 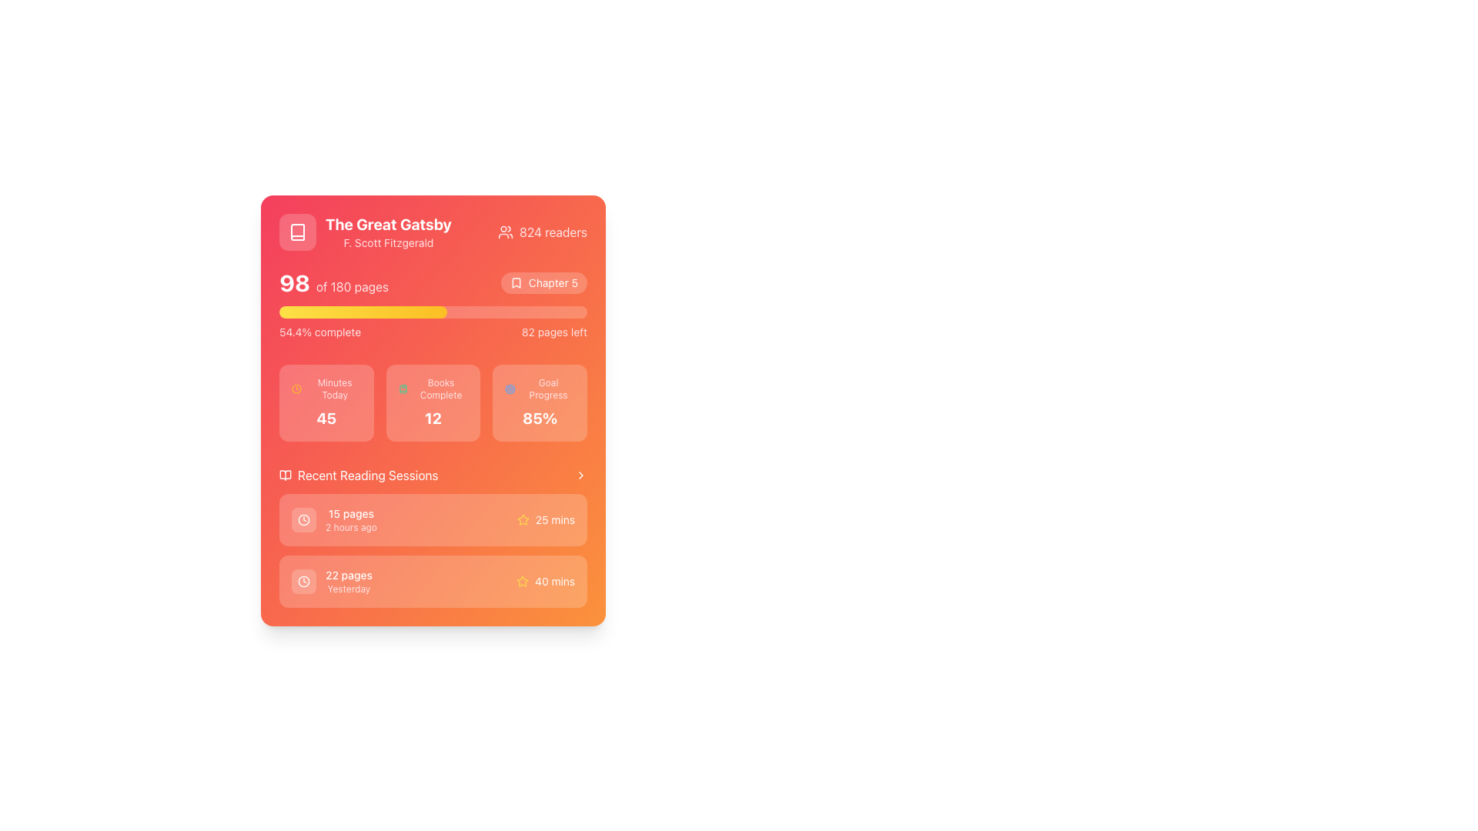 I want to click on the text label displaying '824 readers' styled in light rose color, located in the top-right corner of the card component, next to the people icon, so click(x=553, y=232).